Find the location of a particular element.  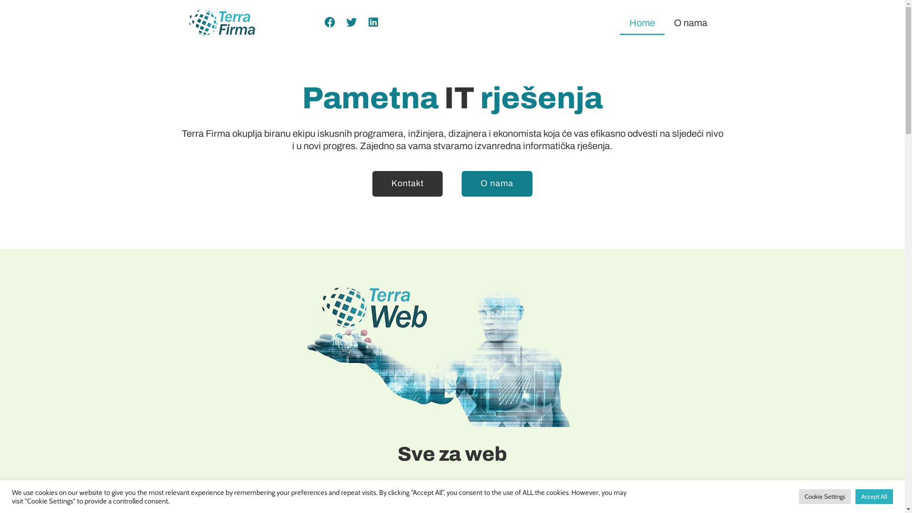

'Cookie Settings' is located at coordinates (824, 496).